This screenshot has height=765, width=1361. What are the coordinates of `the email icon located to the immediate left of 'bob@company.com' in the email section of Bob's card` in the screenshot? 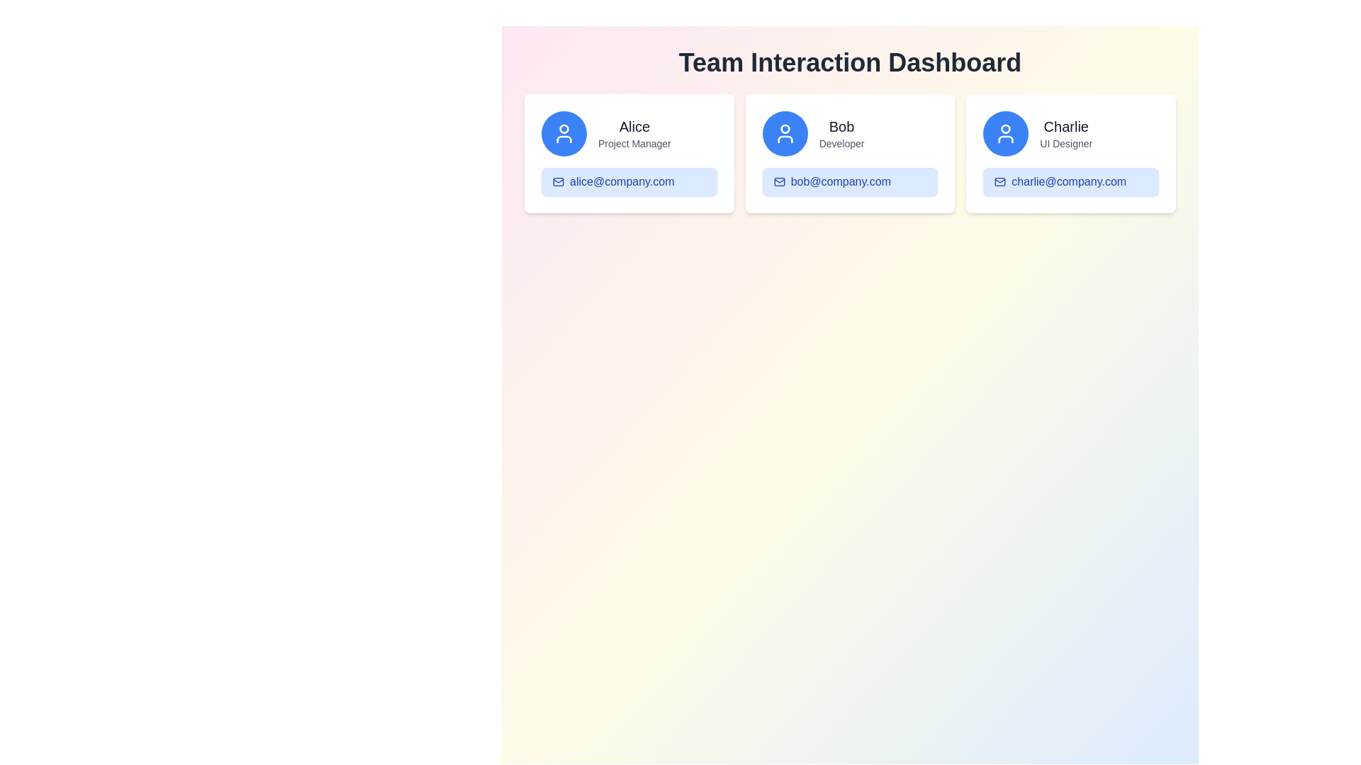 It's located at (778, 181).